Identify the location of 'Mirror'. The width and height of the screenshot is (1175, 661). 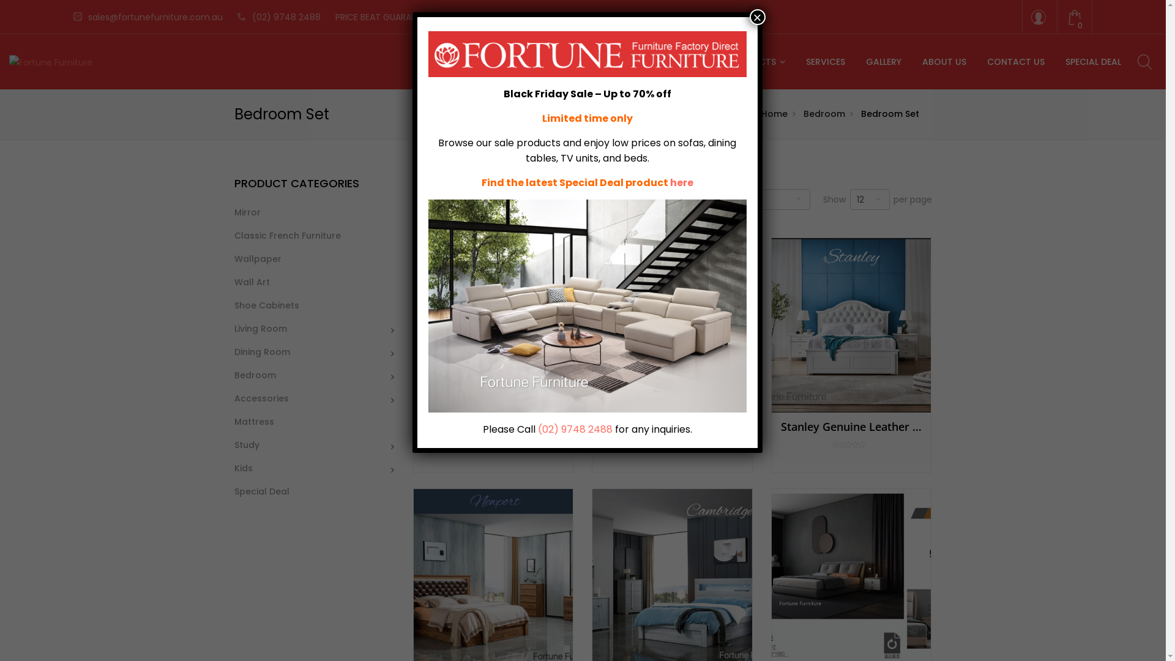
(246, 210).